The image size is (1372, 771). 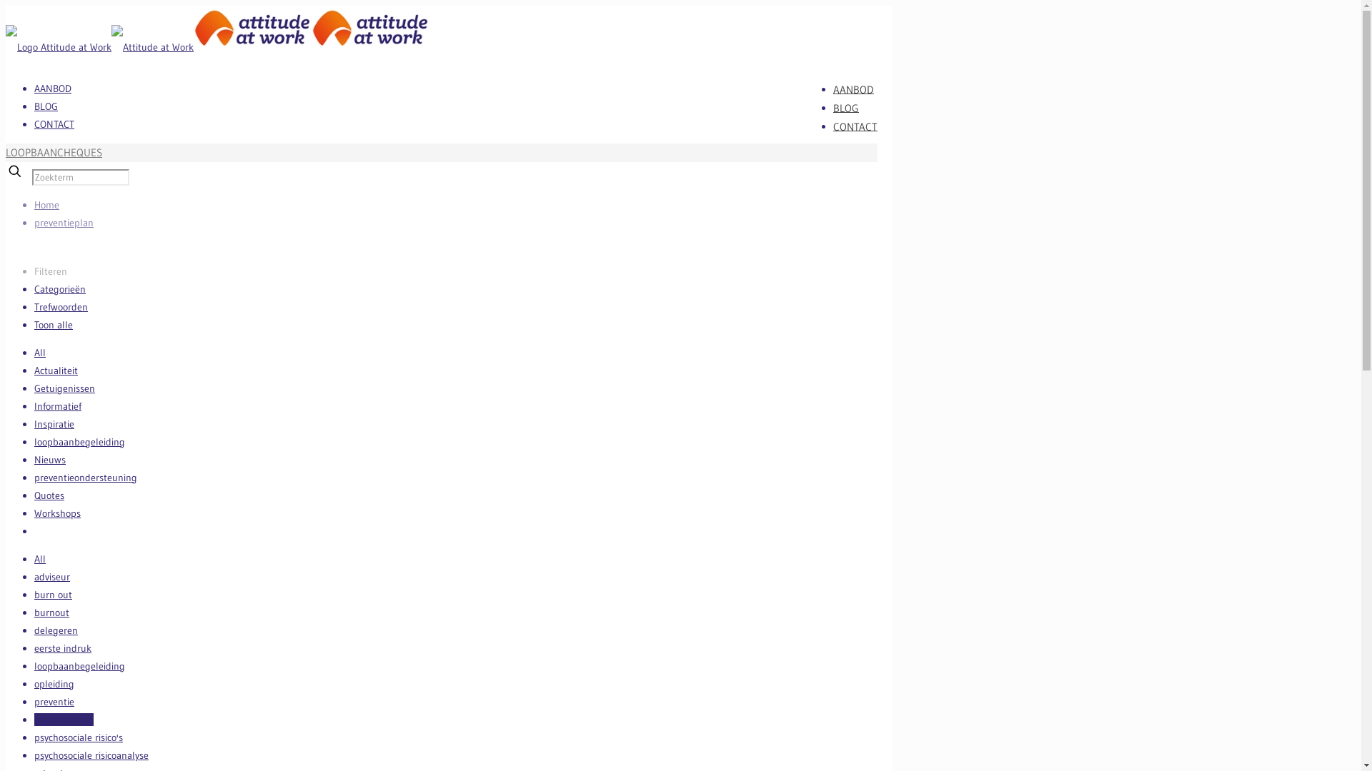 What do you see at coordinates (60, 306) in the screenshot?
I see `'Trefwoorden'` at bounding box center [60, 306].